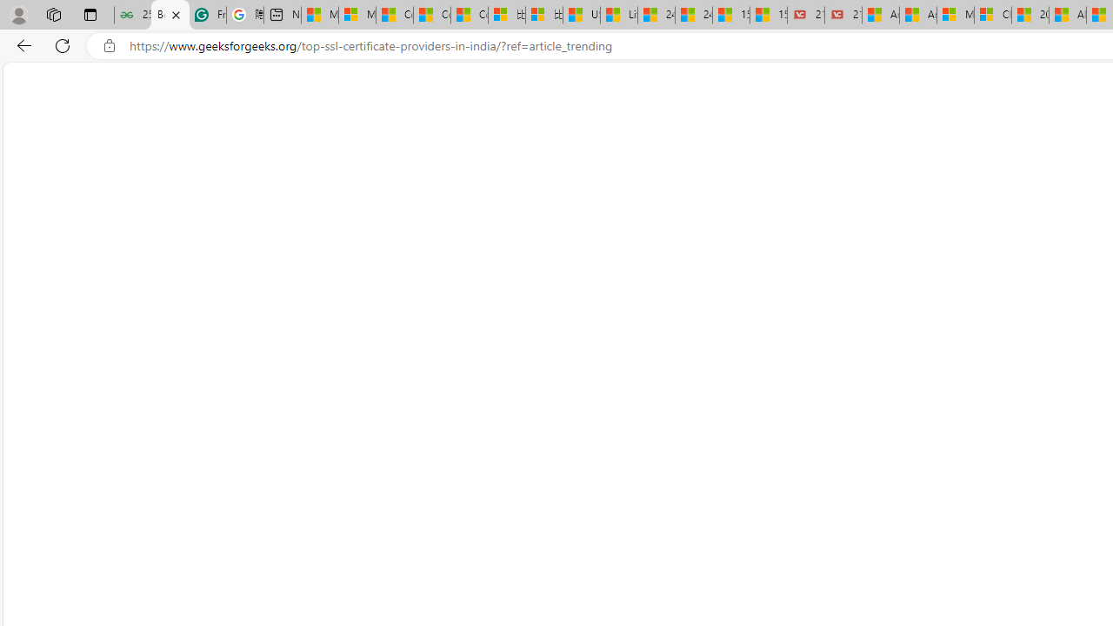 This screenshot has height=626, width=1113. I want to click on '21 Movies That Outdid the Books They Were Based On', so click(843, 15).